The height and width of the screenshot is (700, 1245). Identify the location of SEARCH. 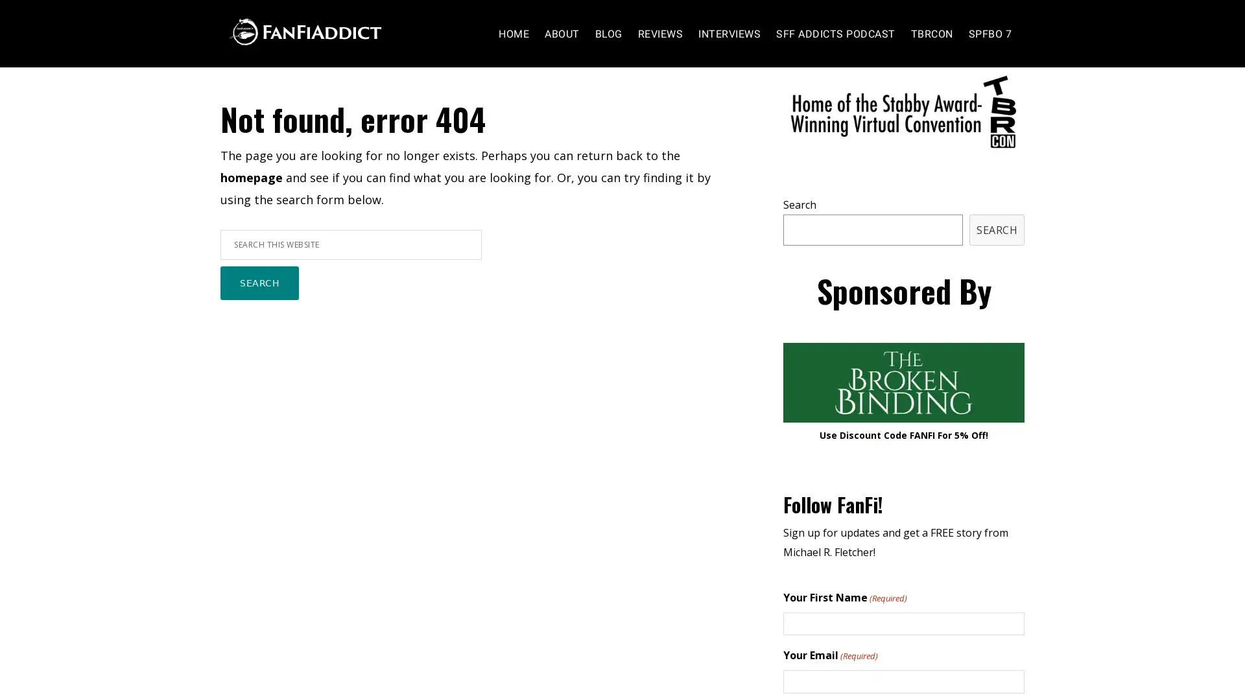
(996, 255).